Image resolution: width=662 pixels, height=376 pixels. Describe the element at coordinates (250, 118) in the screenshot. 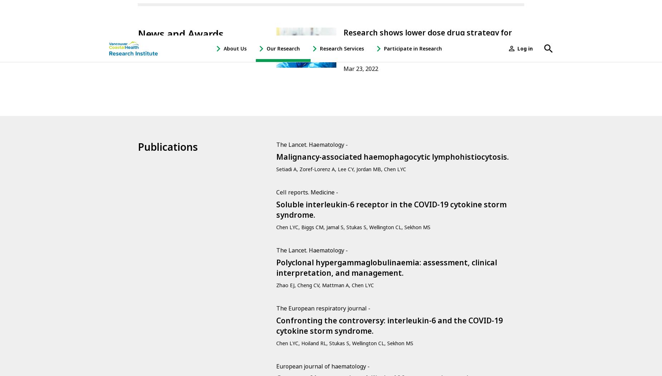

I see `'Create New Profile'` at that location.